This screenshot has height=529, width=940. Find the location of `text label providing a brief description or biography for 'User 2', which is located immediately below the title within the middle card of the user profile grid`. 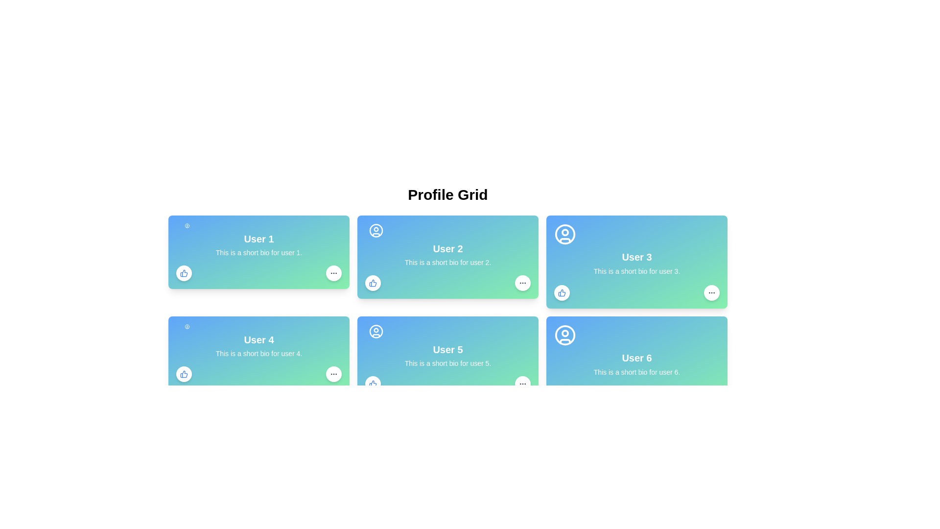

text label providing a brief description or biography for 'User 2', which is located immediately below the title within the middle card of the user profile grid is located at coordinates (447, 262).